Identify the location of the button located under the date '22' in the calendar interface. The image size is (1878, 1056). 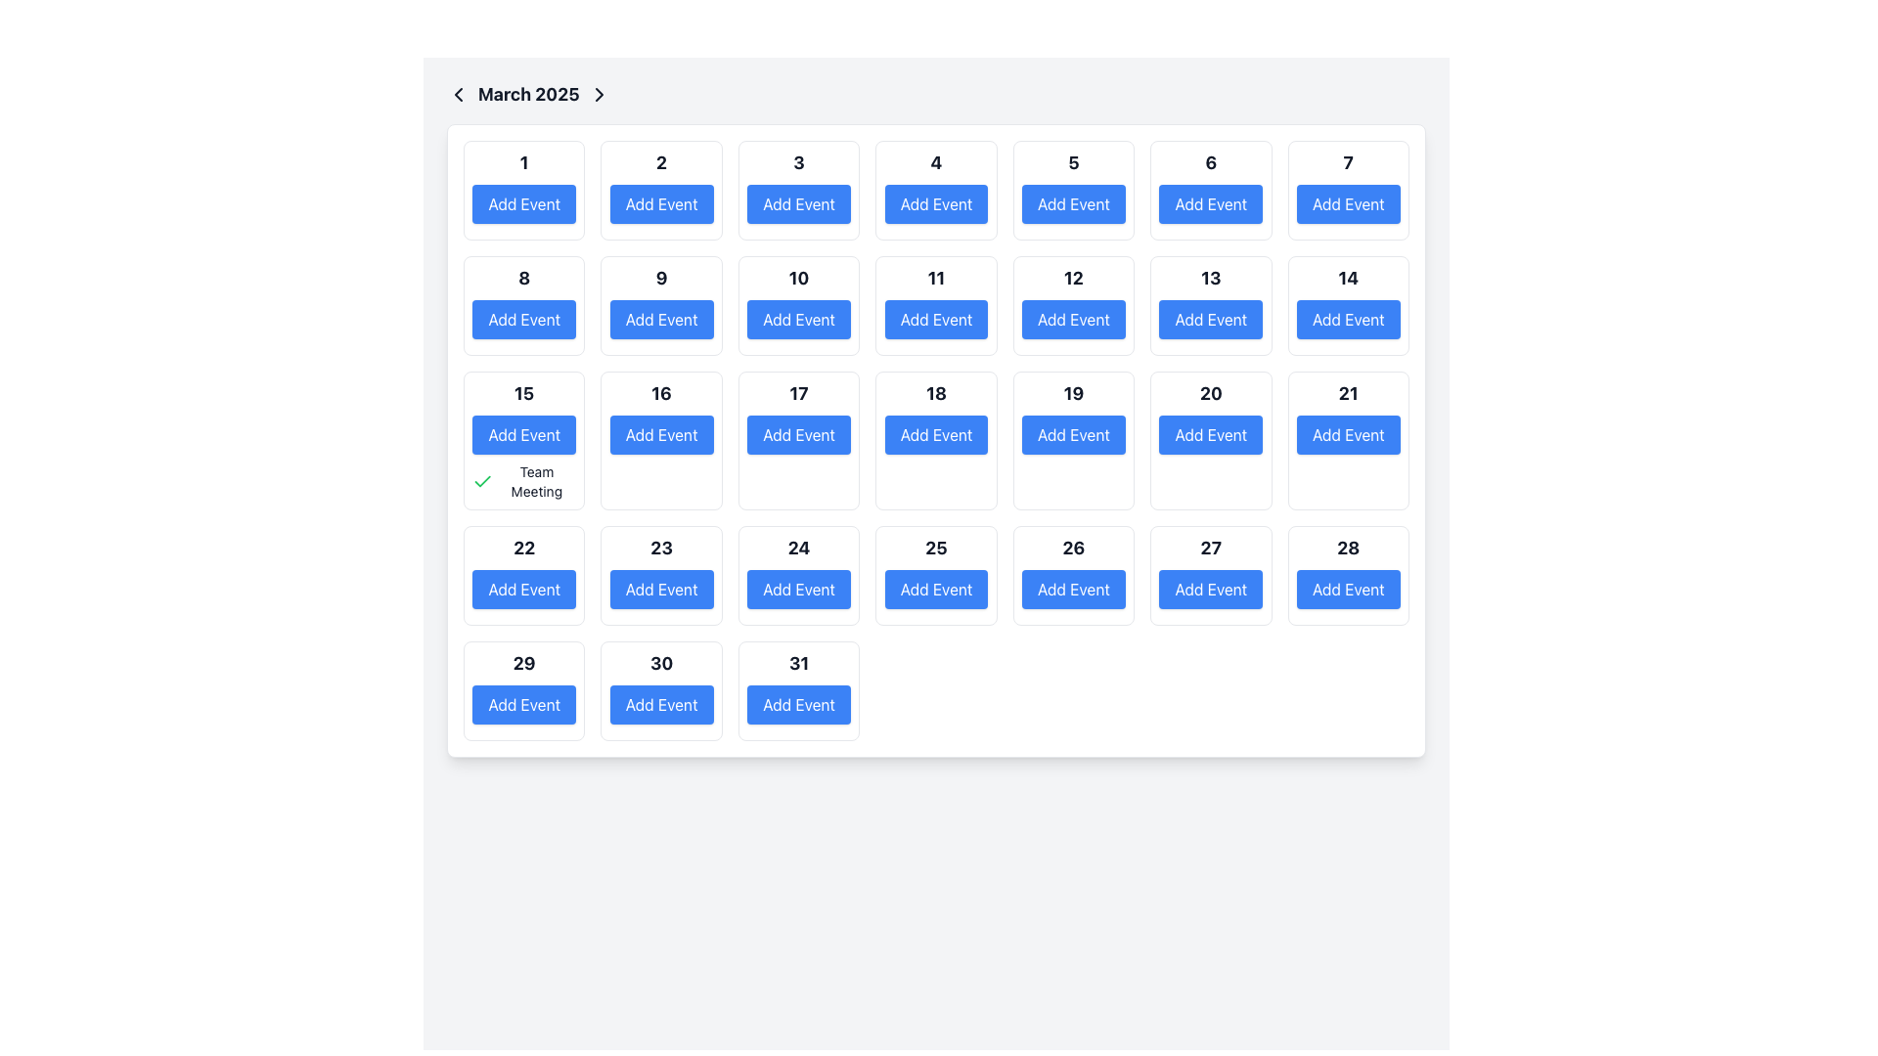
(524, 588).